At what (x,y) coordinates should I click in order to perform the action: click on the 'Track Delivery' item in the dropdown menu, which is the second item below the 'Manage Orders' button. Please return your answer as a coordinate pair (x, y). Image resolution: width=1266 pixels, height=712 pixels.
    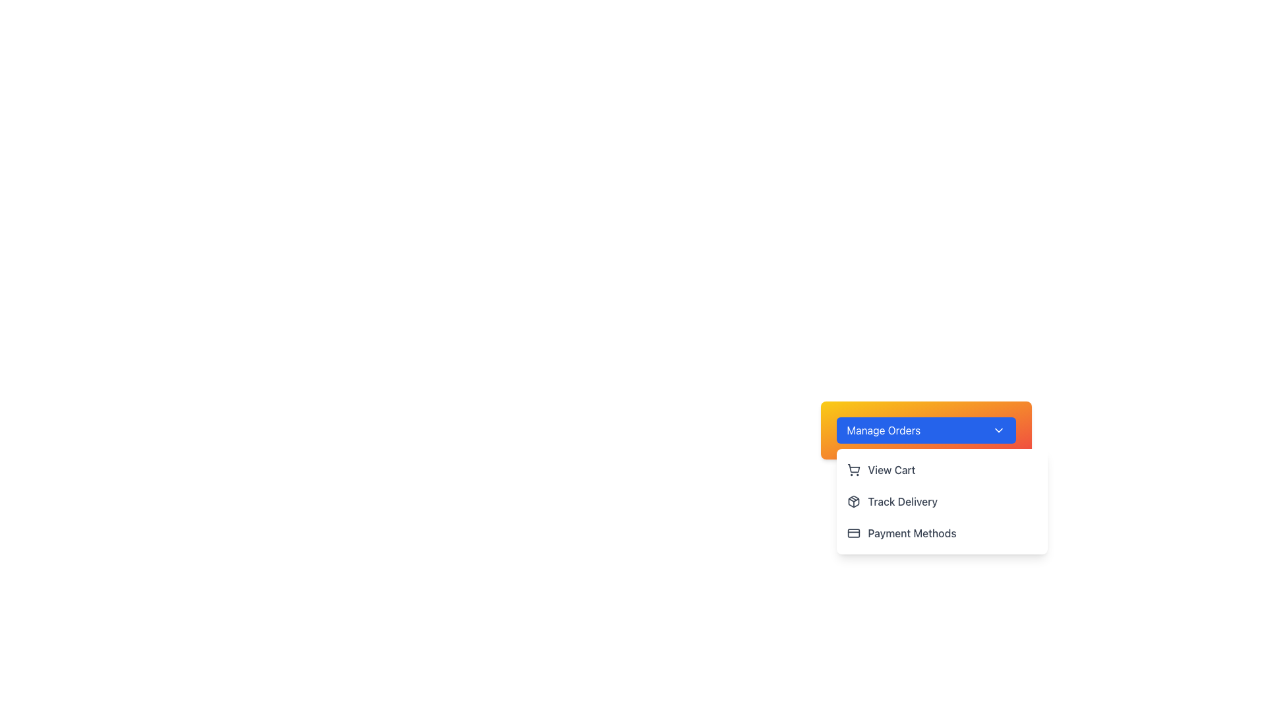
    Looking at the image, I should click on (941, 501).